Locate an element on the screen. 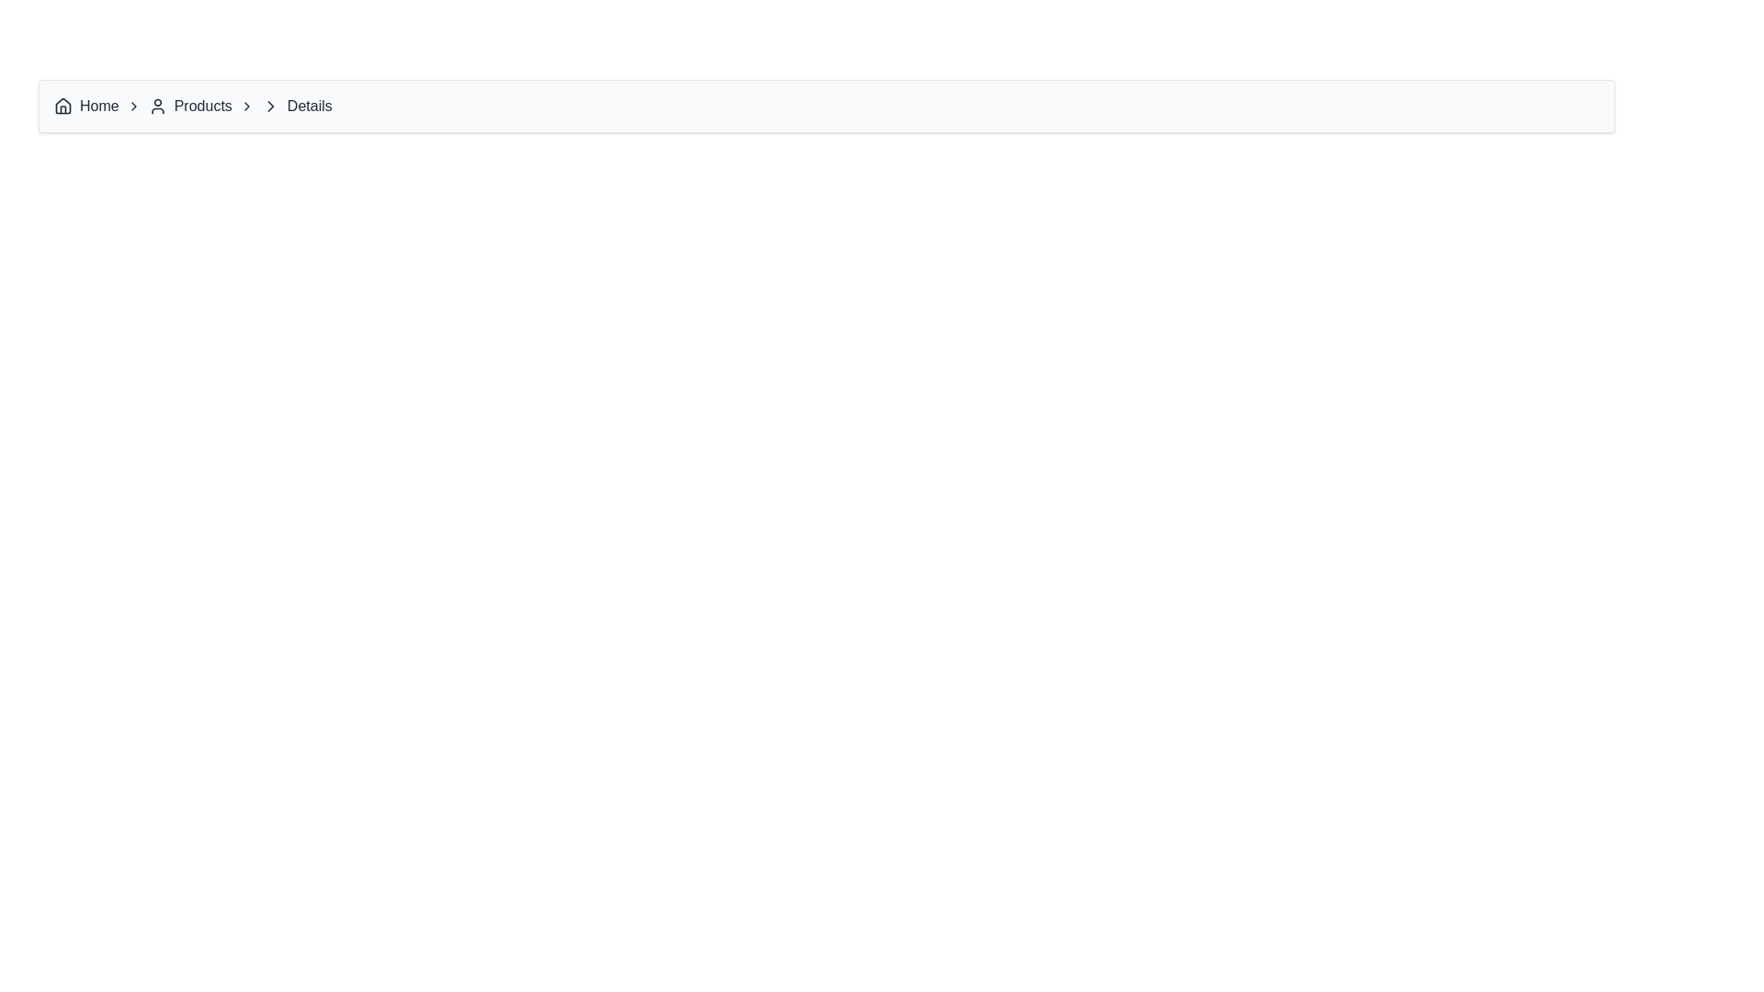  the small house-shaped icon located at the top left of the interface is located at coordinates (62, 106).